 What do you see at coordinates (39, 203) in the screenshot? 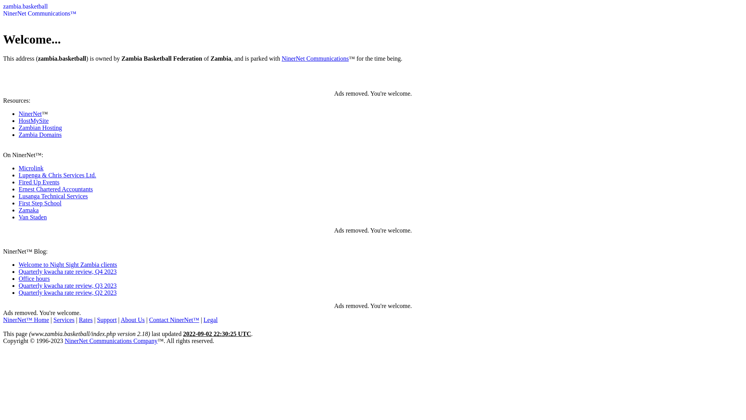
I see `'First Step School'` at bounding box center [39, 203].